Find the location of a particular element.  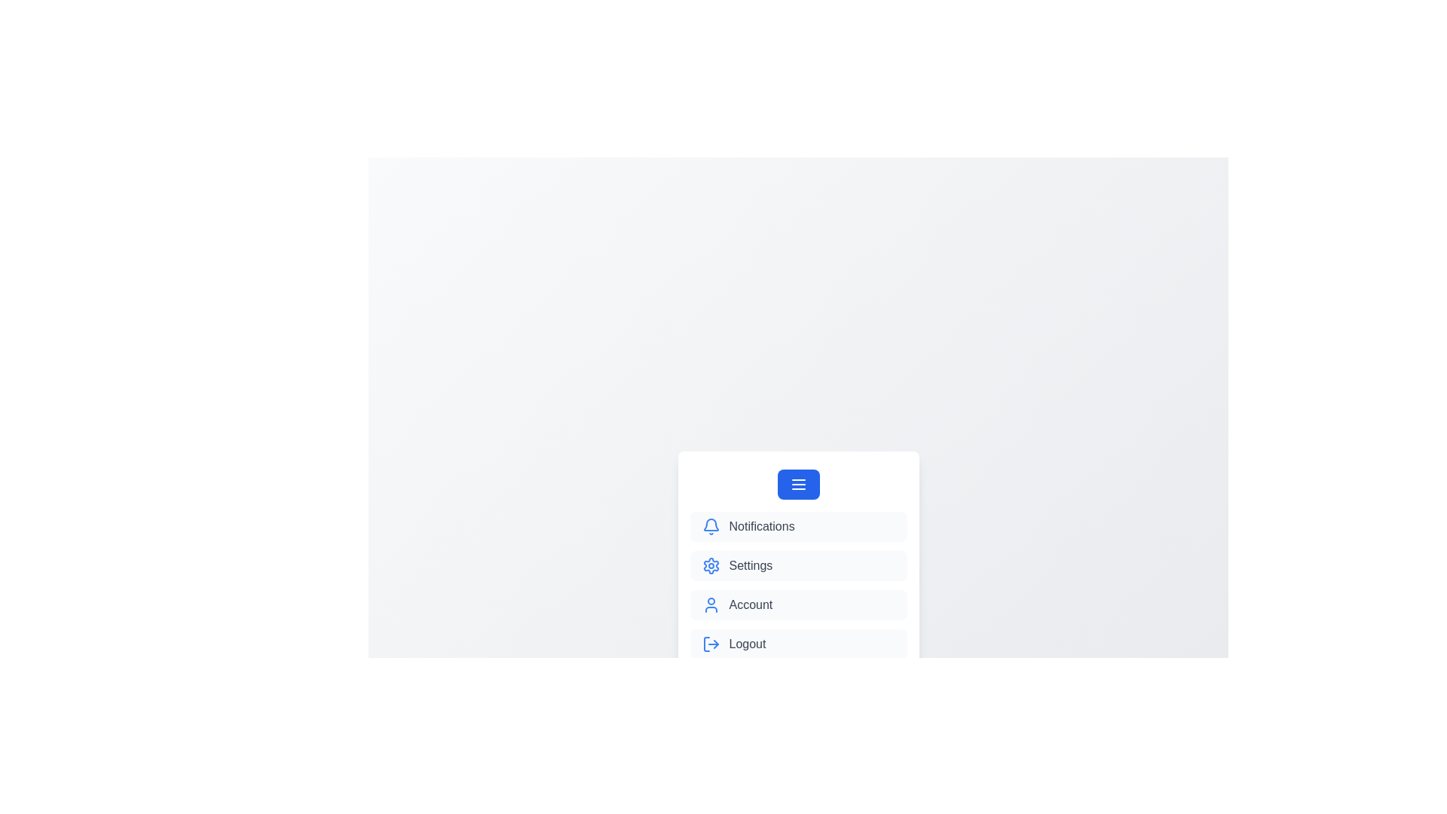

the menu button to toggle the menu visibility is located at coordinates (797, 485).